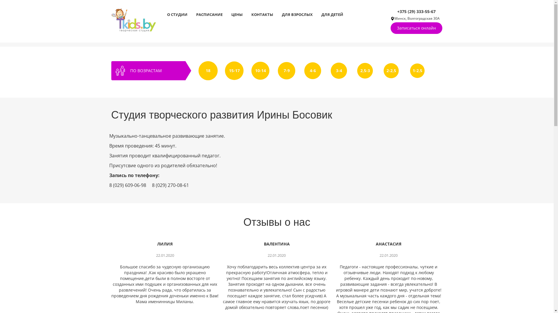 This screenshot has height=313, width=558. I want to click on '7-9', so click(286, 70).